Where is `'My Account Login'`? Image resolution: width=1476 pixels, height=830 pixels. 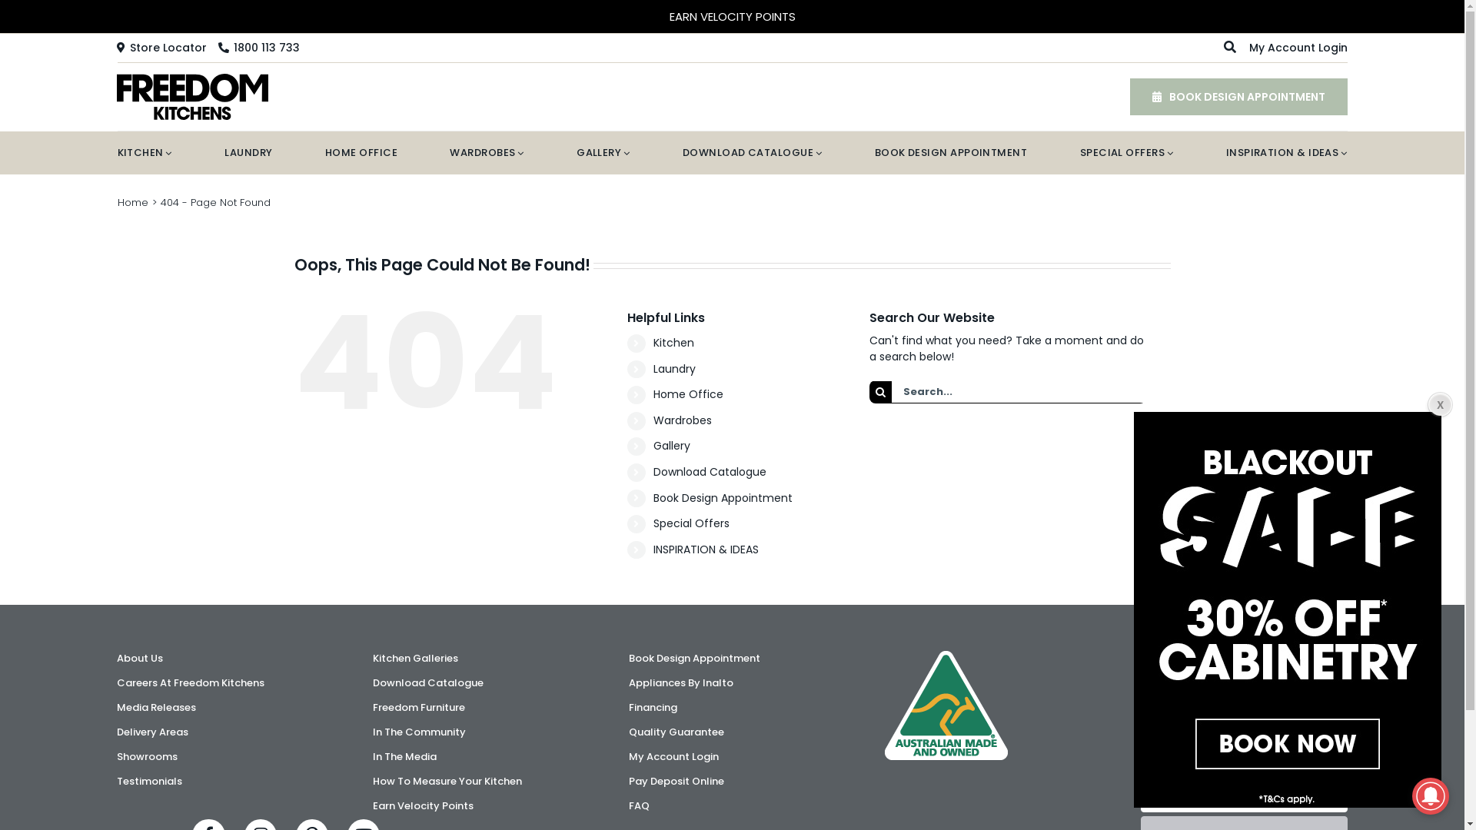 'My Account Login' is located at coordinates (1298, 46).